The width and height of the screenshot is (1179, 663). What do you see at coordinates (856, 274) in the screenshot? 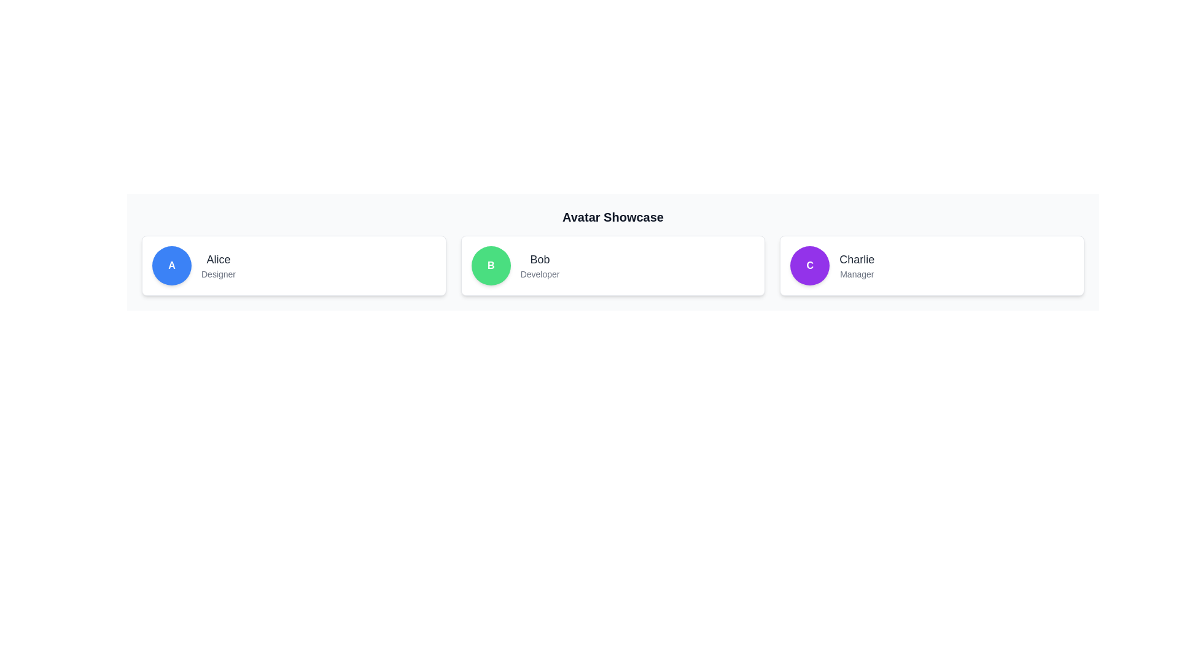
I see `the Text label that denotes the role or title of the individual named 'Charlie,' located within a card on the far-right side of the interface, directly beneath the name 'Charlie.'` at bounding box center [856, 274].